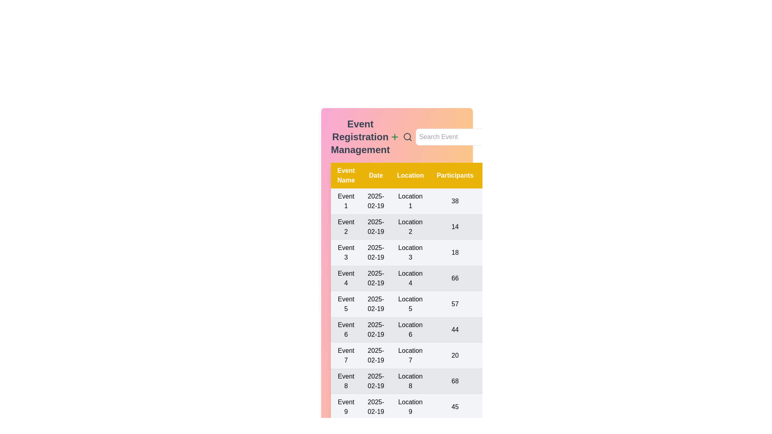 The width and height of the screenshot is (772, 434). What do you see at coordinates (455, 175) in the screenshot?
I see `the header of the column 'Participants' to sort the table by that column` at bounding box center [455, 175].